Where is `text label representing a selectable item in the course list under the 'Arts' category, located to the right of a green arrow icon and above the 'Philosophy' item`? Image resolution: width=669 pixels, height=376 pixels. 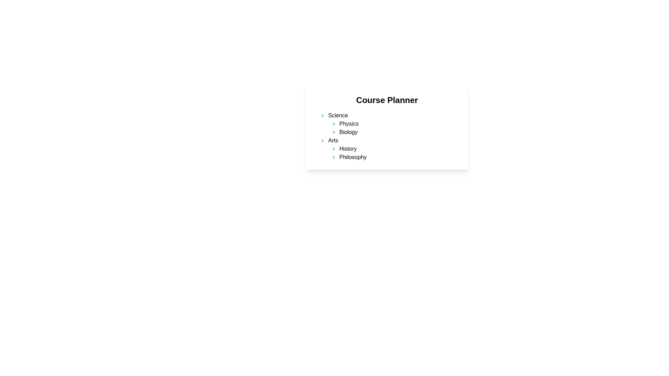
text label representing a selectable item in the course list under the 'Arts' category, located to the right of a green arrow icon and above the 'Philosophy' item is located at coordinates (348, 149).